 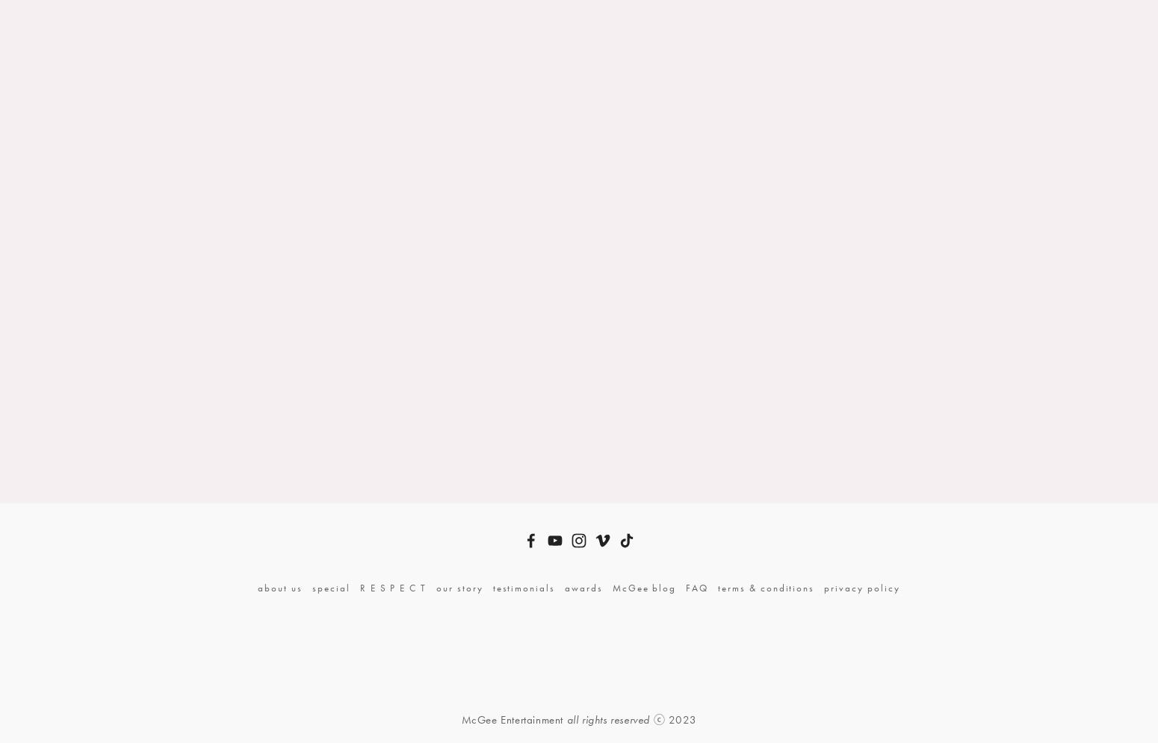 What do you see at coordinates (686, 587) in the screenshot?
I see `'FAQ'` at bounding box center [686, 587].